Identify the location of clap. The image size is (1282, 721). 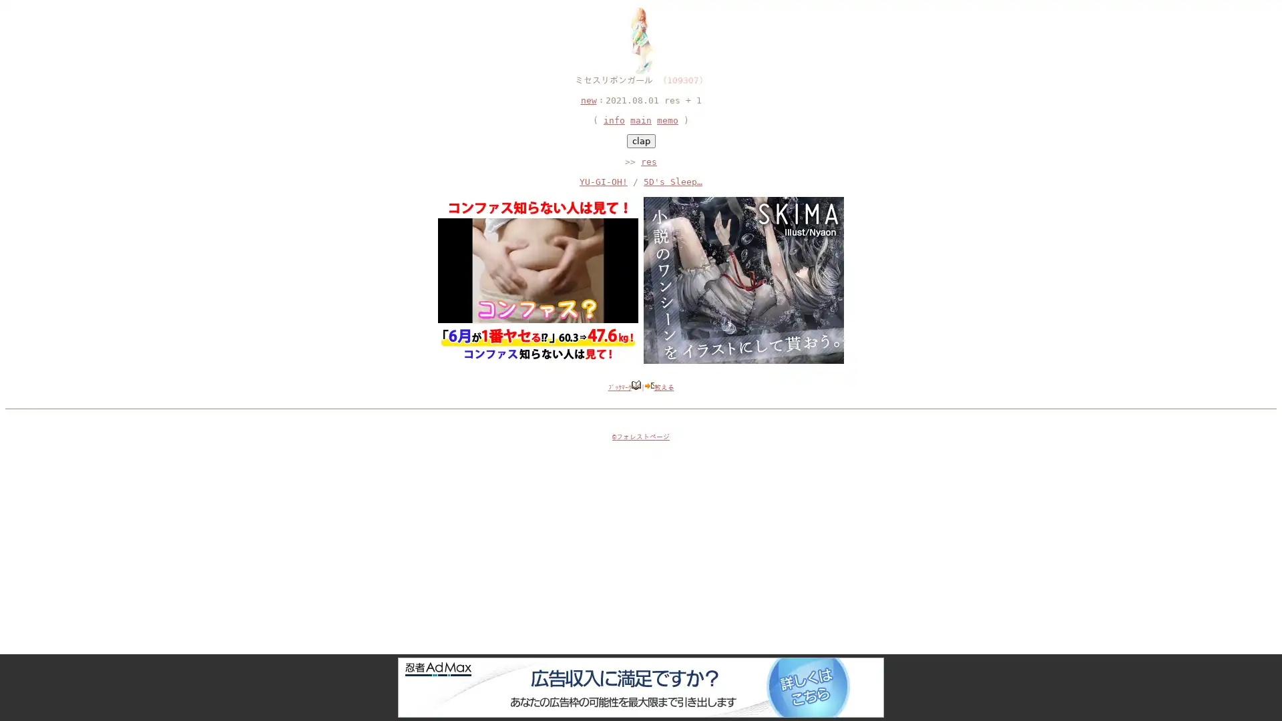
(640, 141).